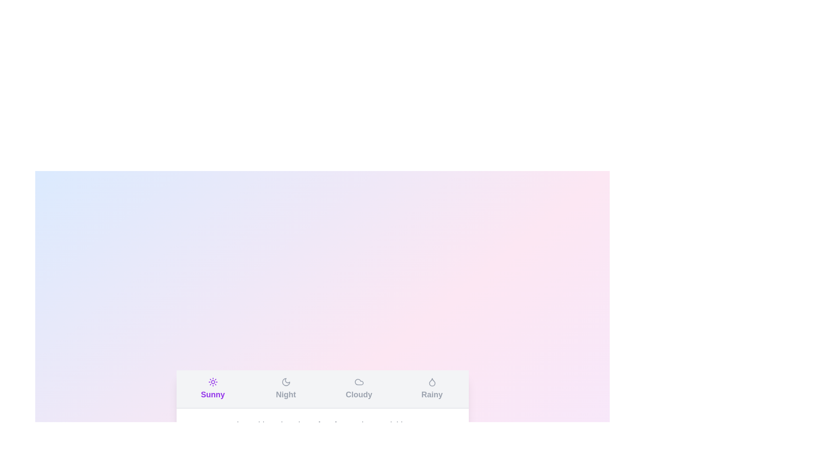  I want to click on the tab labeled Rainy to switch to the respective weather condition, so click(432, 389).